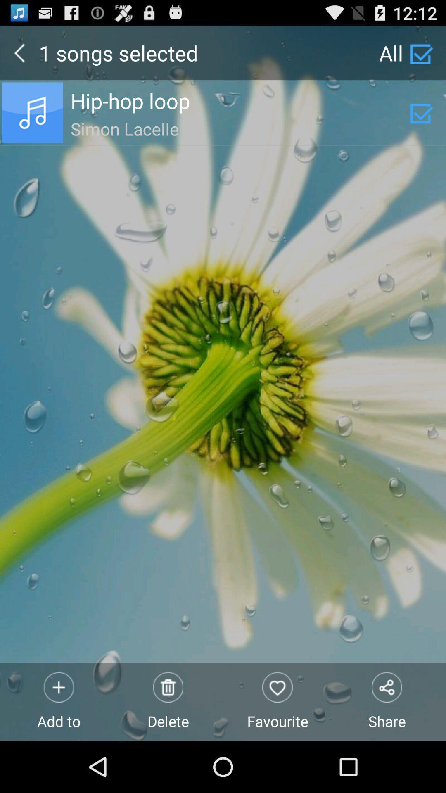 This screenshot has height=793, width=446. I want to click on favourite app, so click(278, 701).